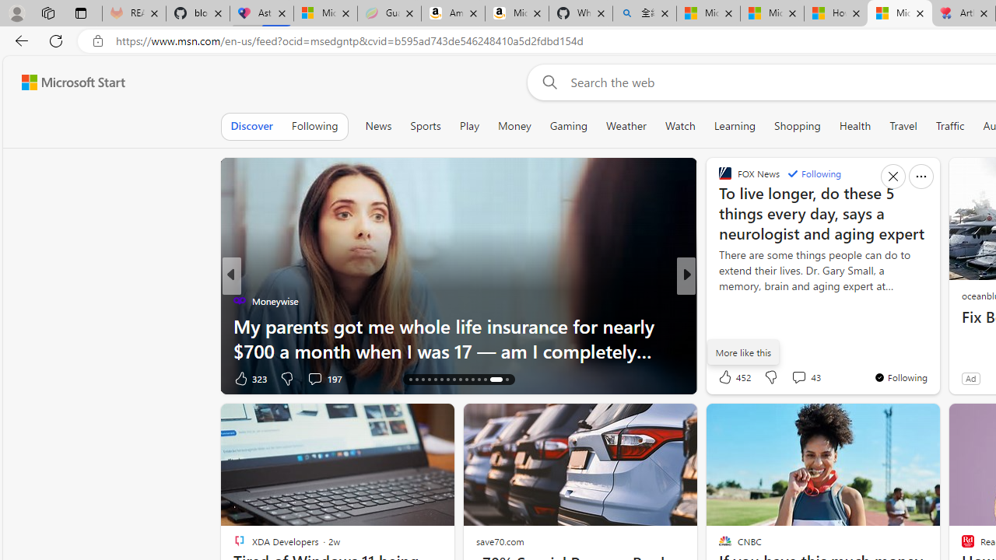 Image resolution: width=996 pixels, height=560 pixels. Describe the element at coordinates (411, 380) in the screenshot. I see `'AutomationID: tab-16'` at that location.